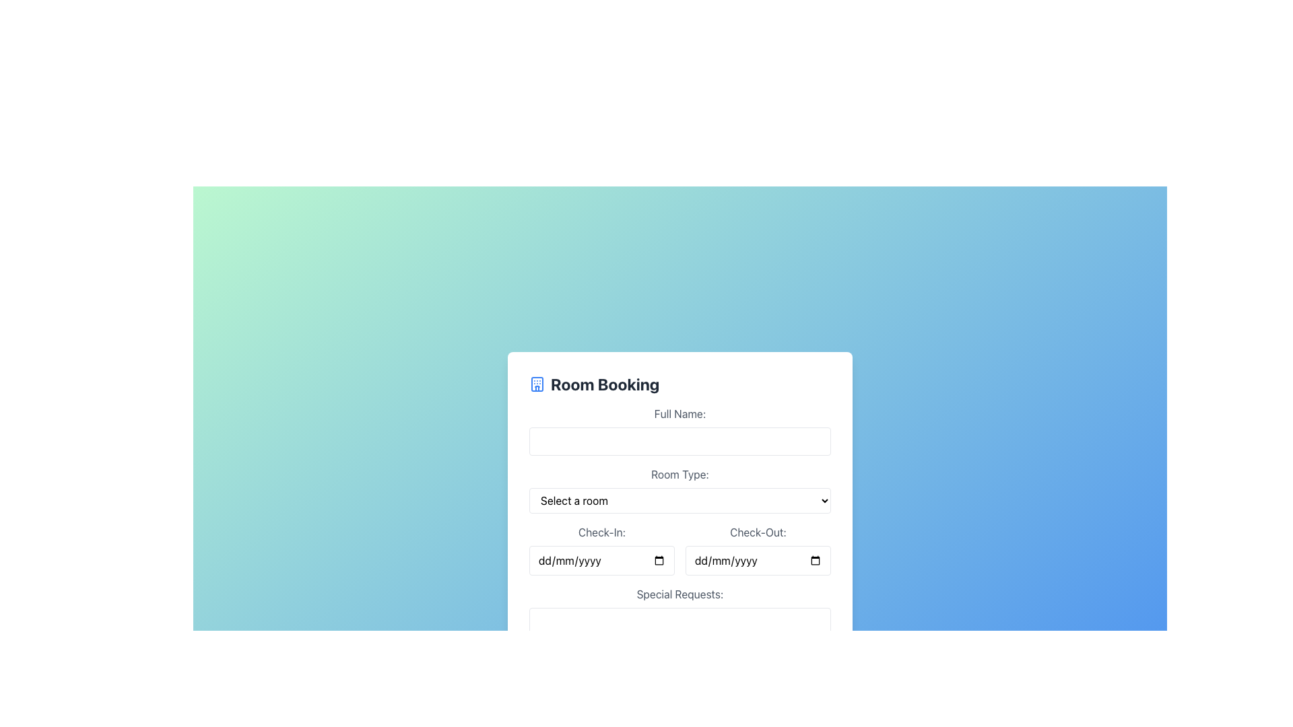 The height and width of the screenshot is (727, 1293). I want to click on the dropdown menu for selecting room type, which is positioned second in the layout group of the form, below the 'Full Name' input field and above the 'Check-In' and 'Check-Out' date fields, so click(679, 490).